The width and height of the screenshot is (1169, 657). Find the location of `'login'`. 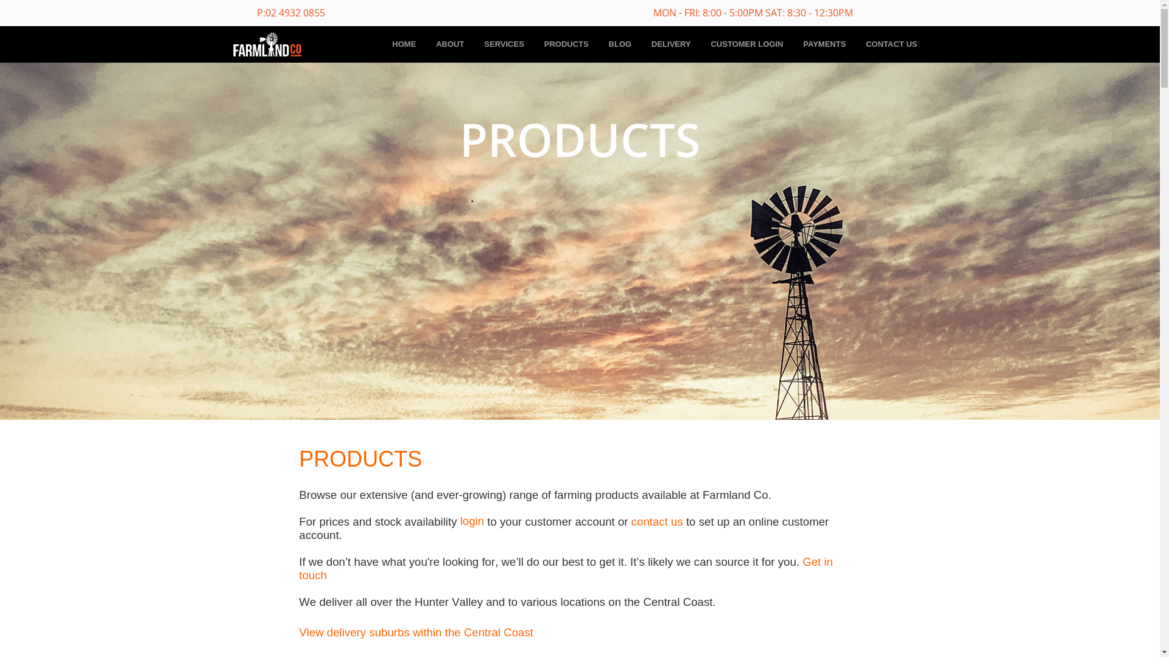

'login' is located at coordinates (471, 520).